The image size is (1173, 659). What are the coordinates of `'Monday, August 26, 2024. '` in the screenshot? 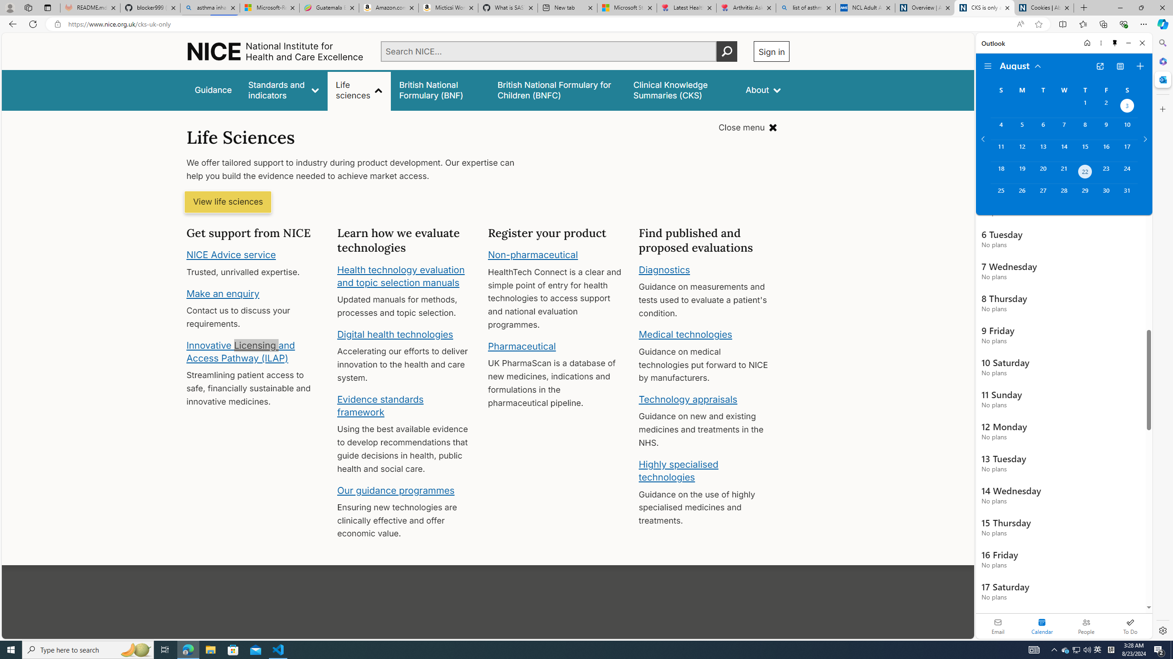 It's located at (1021, 194).